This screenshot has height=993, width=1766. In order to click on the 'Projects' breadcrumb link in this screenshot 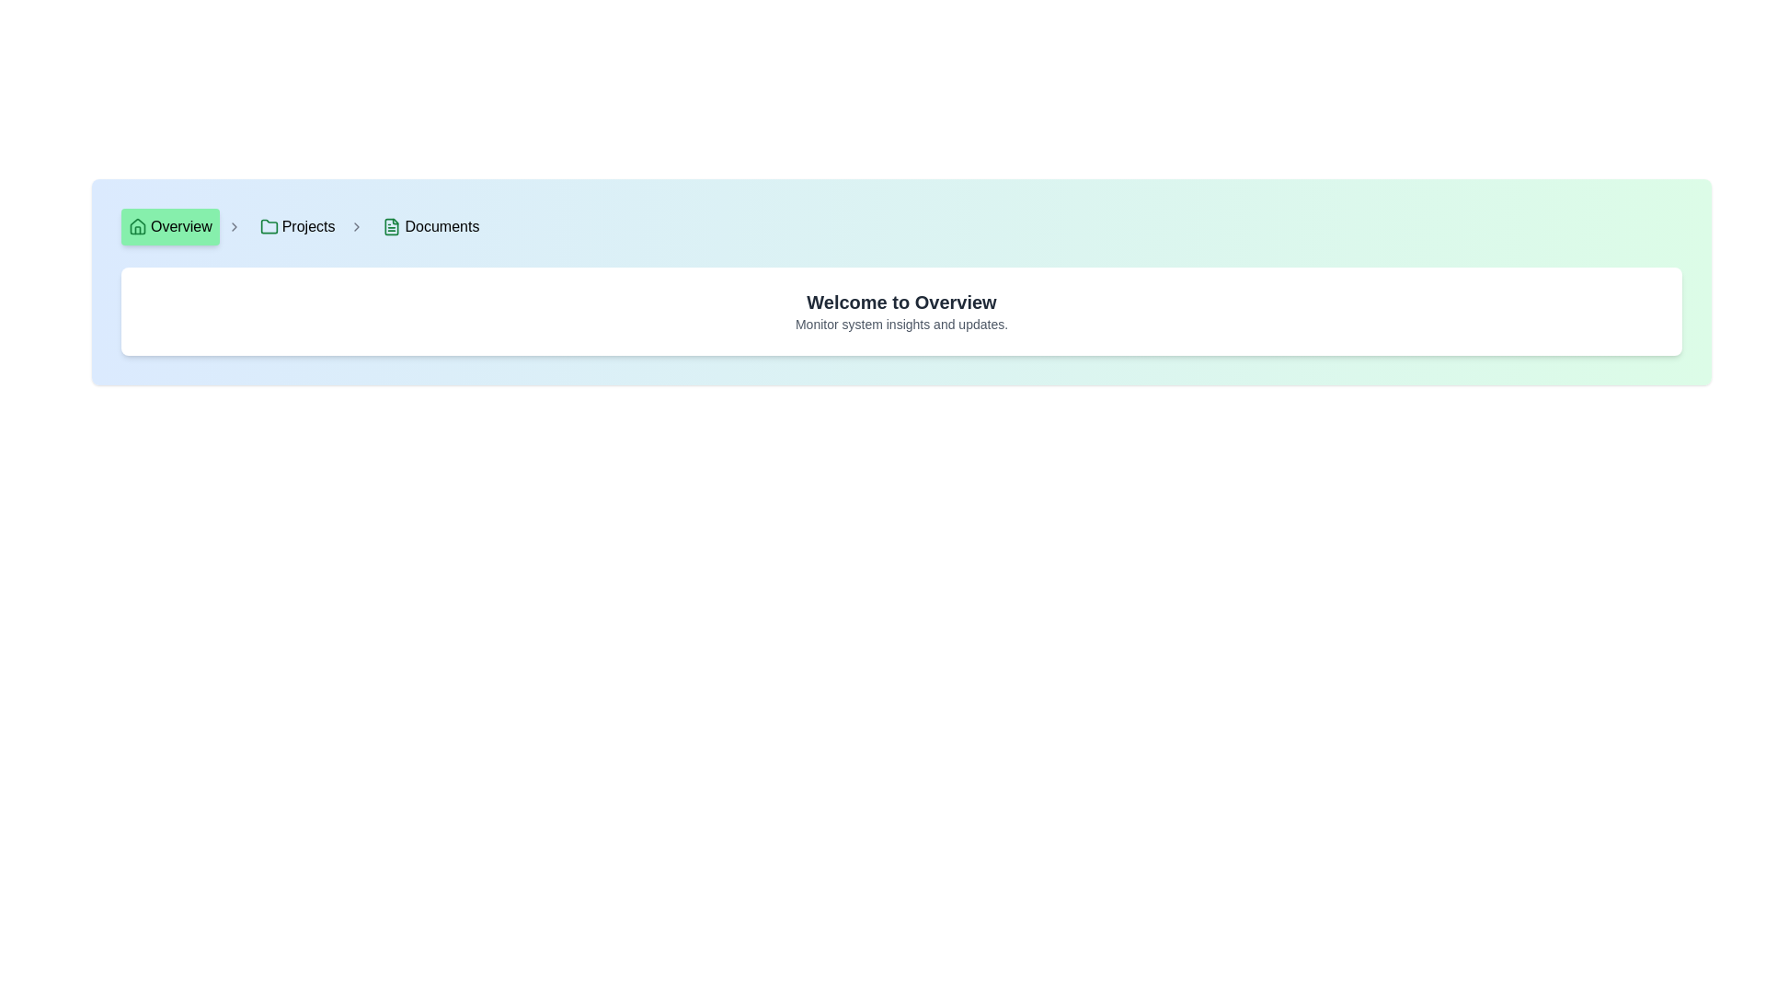, I will do `click(308, 225)`.